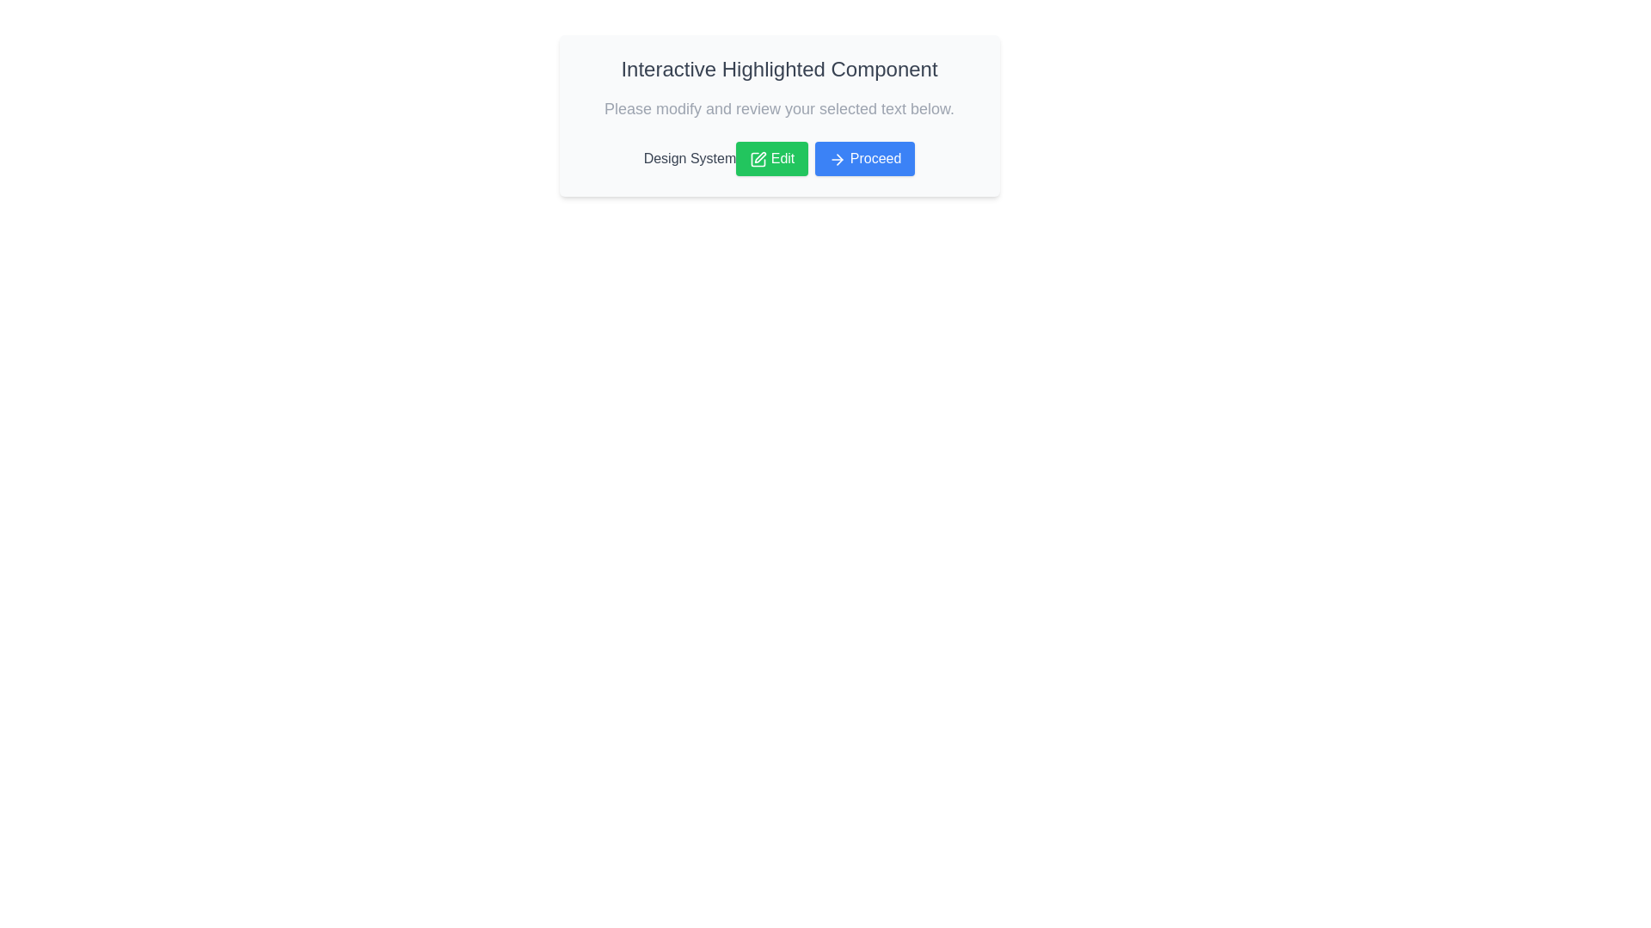 The image size is (1651, 928). Describe the element at coordinates (690, 158) in the screenshot. I see `the static text element that provides a label or descriptor, located below the heading and subheading in the center panel, to the left of the 'Edit' and 'Proceed' buttons` at that location.